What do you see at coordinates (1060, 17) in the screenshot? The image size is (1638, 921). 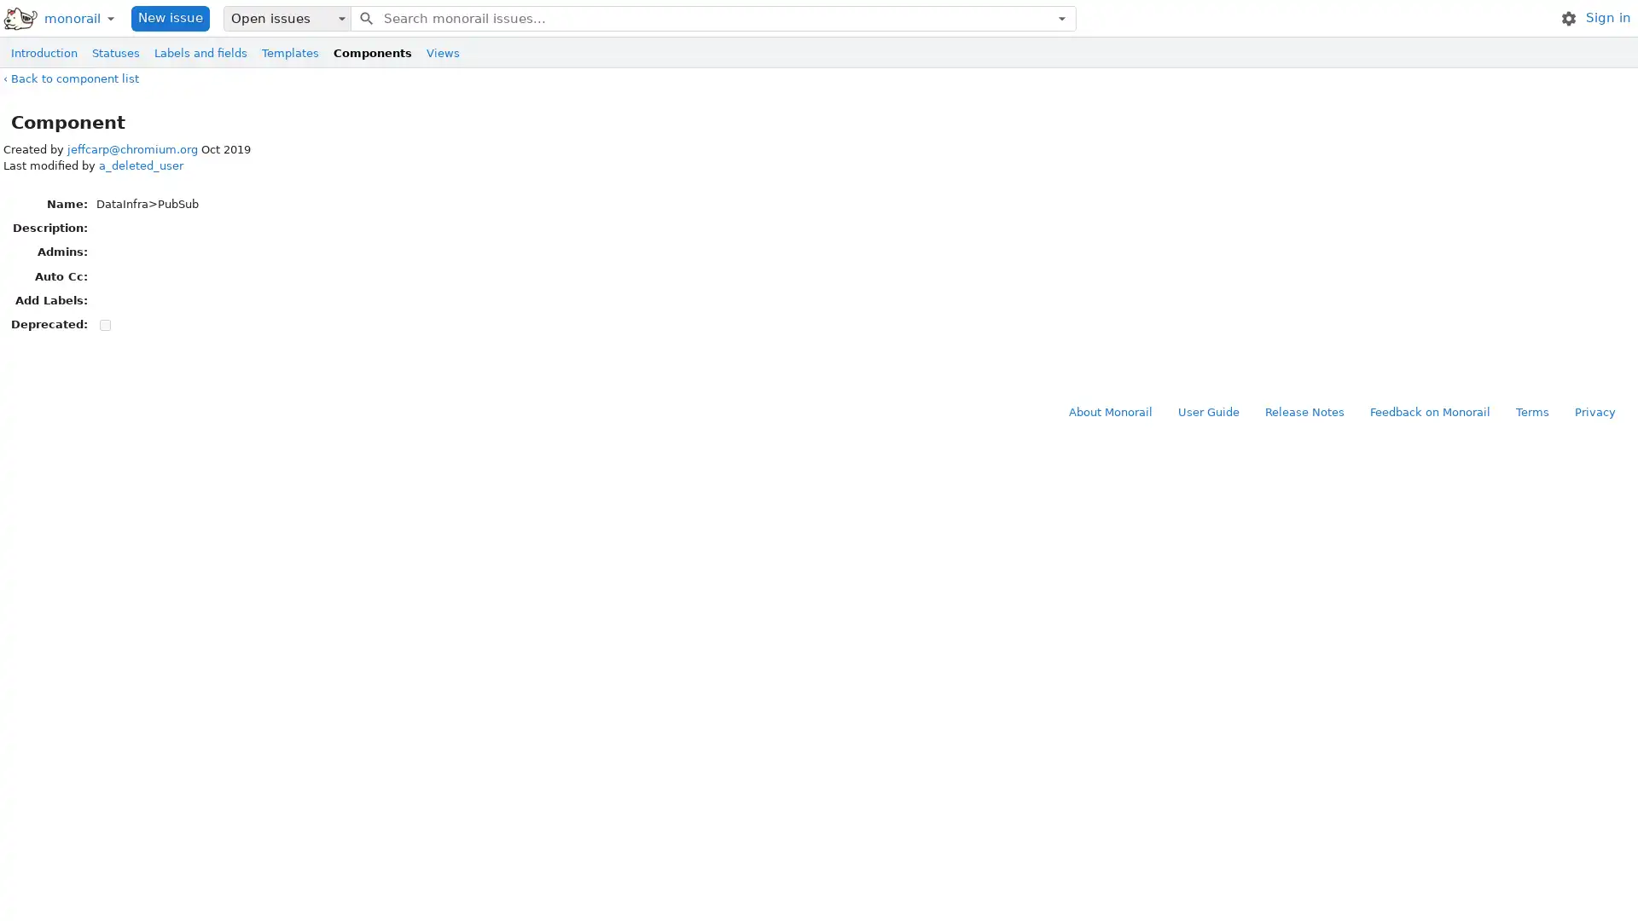 I see `Search options` at bounding box center [1060, 17].